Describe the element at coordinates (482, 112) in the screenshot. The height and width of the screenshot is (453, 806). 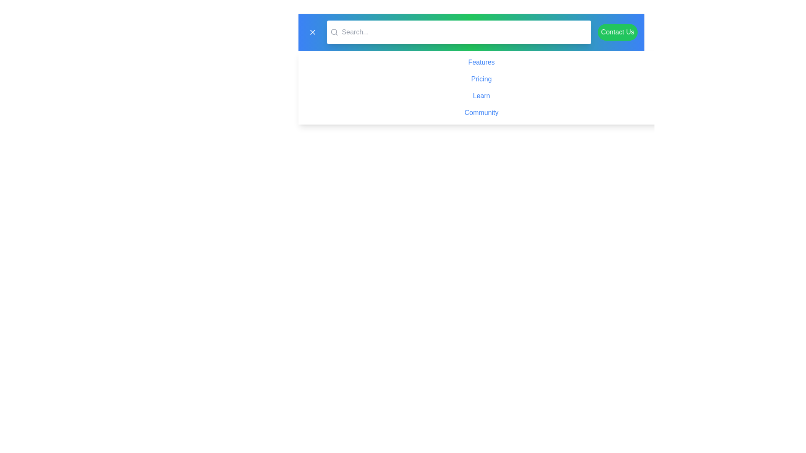
I see `the 'Community' hyperlink, which is the last entry` at that location.